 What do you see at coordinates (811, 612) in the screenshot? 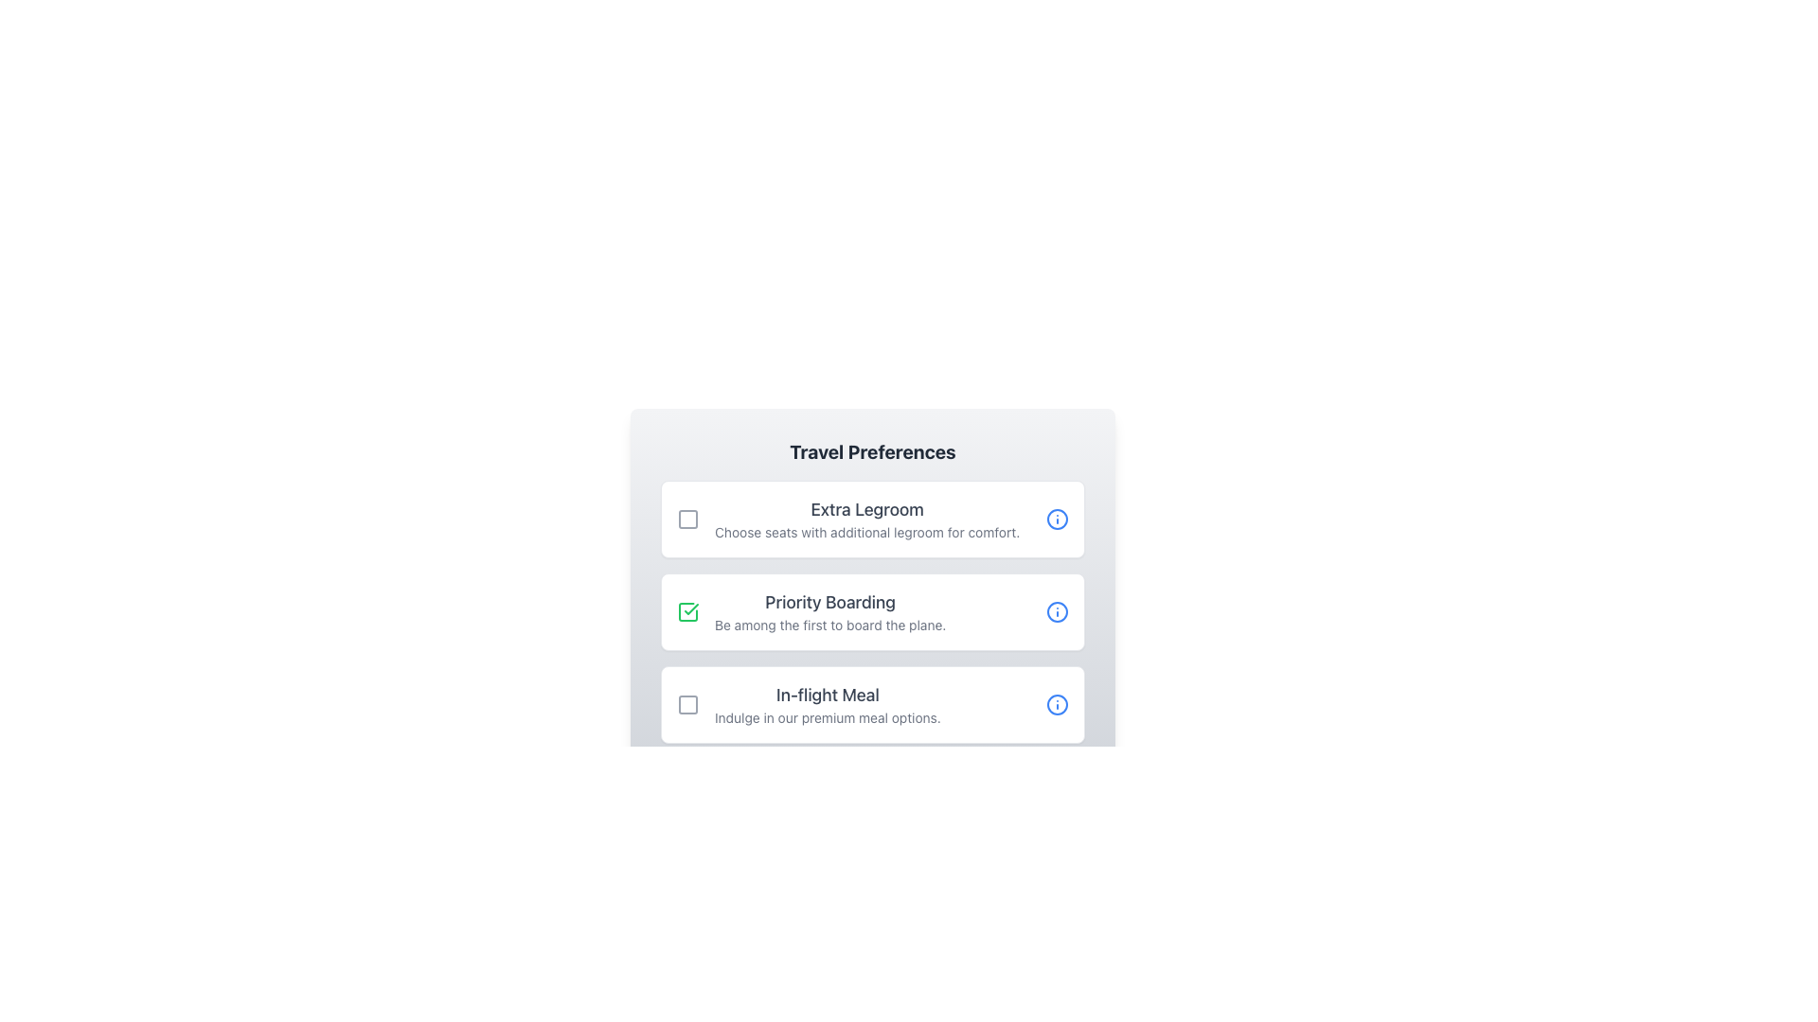
I see `the associated checkbox for the 'Priority Boarding' option, which is the second entry in the list of travel preferences, located between 'Extra Legroom' and 'In-flight Meal'` at bounding box center [811, 612].